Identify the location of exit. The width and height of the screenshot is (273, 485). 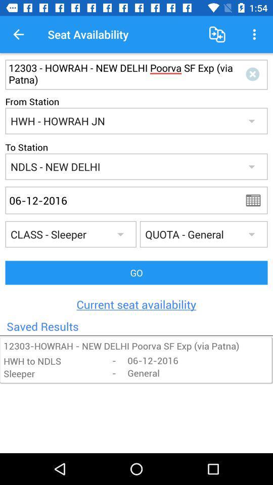
(254, 74).